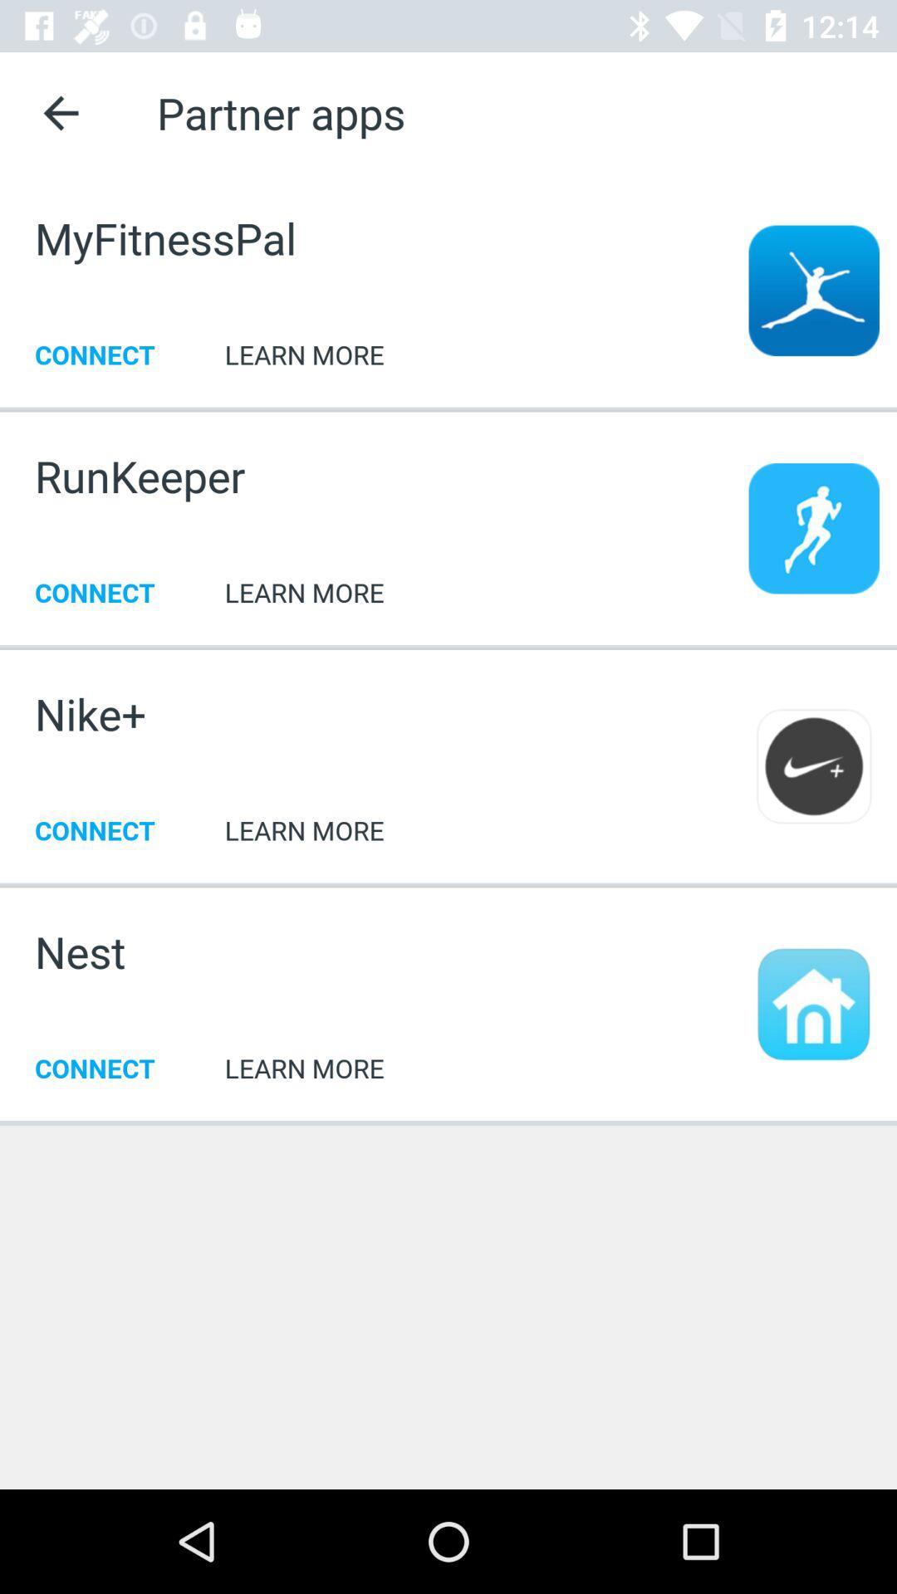  I want to click on icon to the left of the learn more icon, so click(80, 951).